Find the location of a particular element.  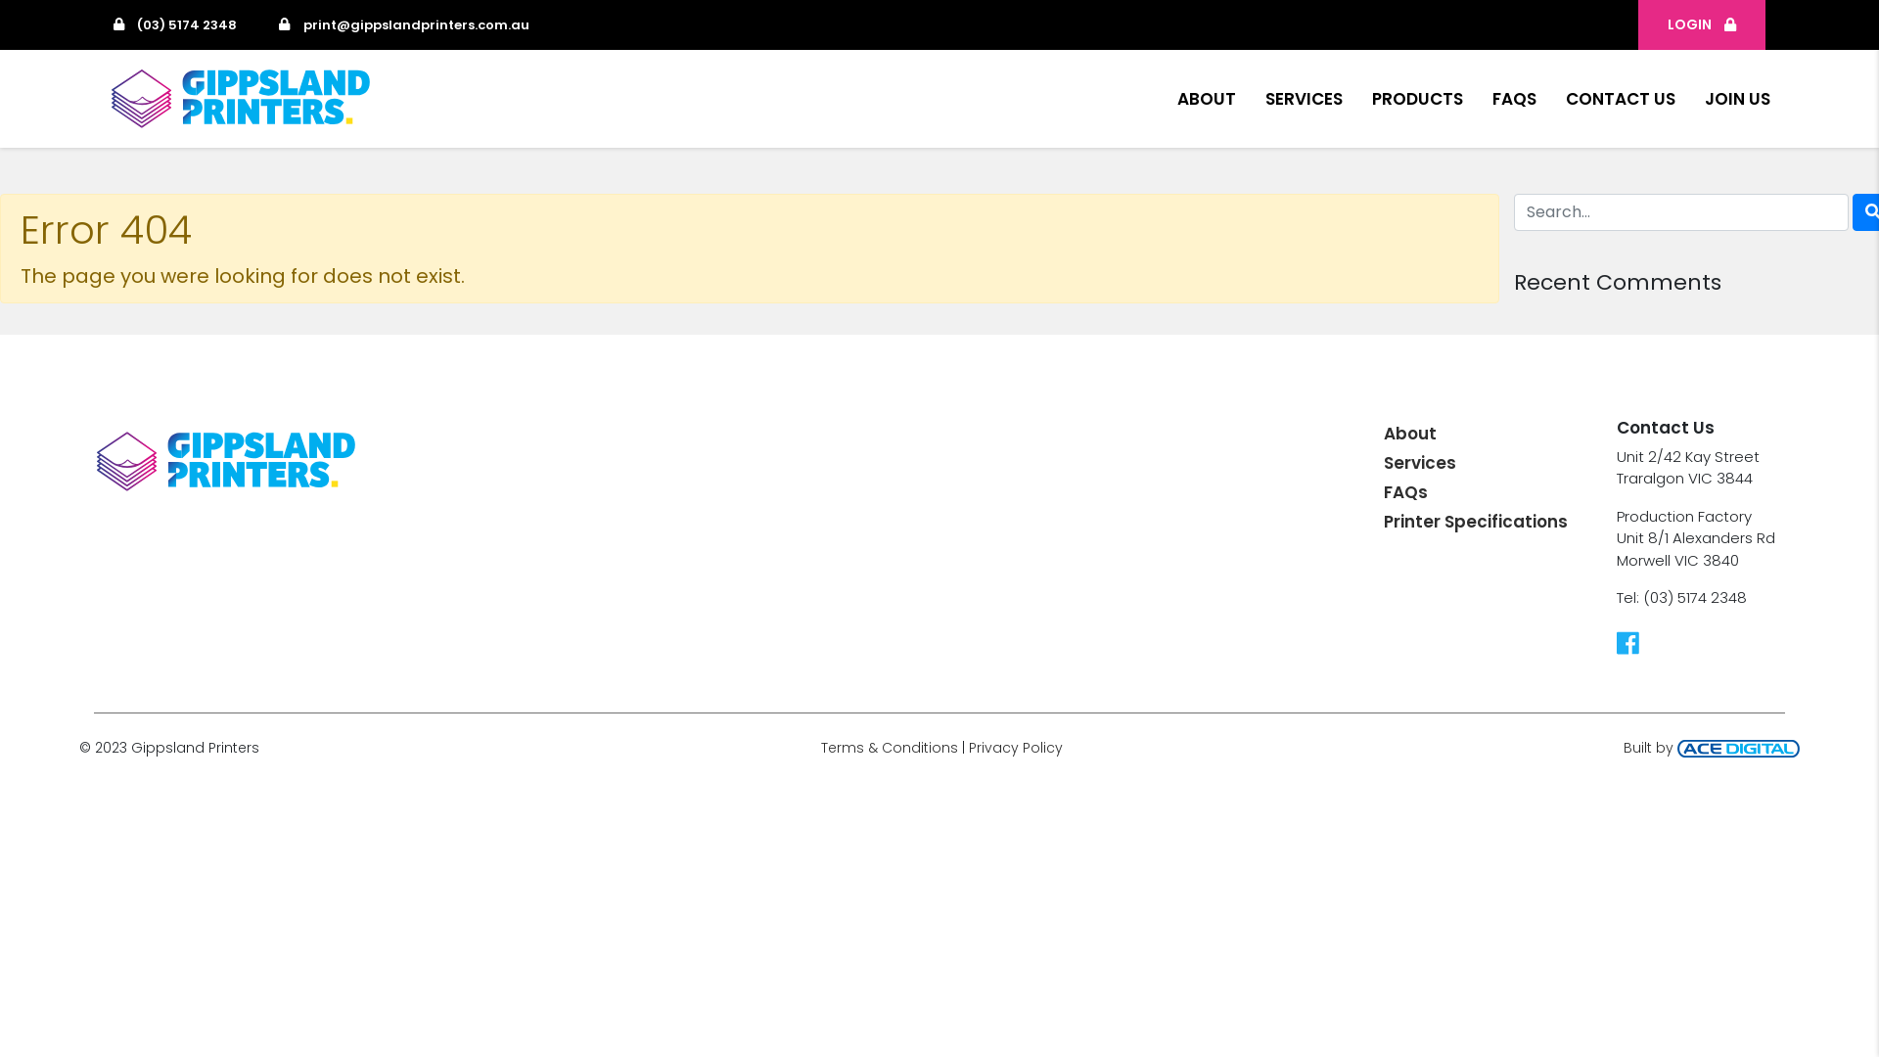

'FAQS' is located at coordinates (1513, 98).